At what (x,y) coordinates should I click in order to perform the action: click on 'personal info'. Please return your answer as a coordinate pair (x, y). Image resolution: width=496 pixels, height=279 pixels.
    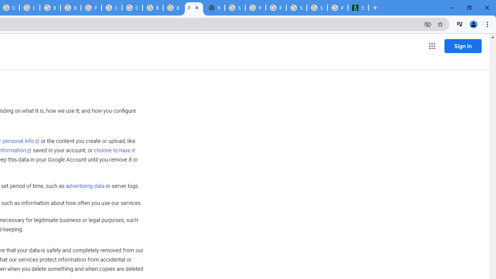
    Looking at the image, I should click on (21, 141).